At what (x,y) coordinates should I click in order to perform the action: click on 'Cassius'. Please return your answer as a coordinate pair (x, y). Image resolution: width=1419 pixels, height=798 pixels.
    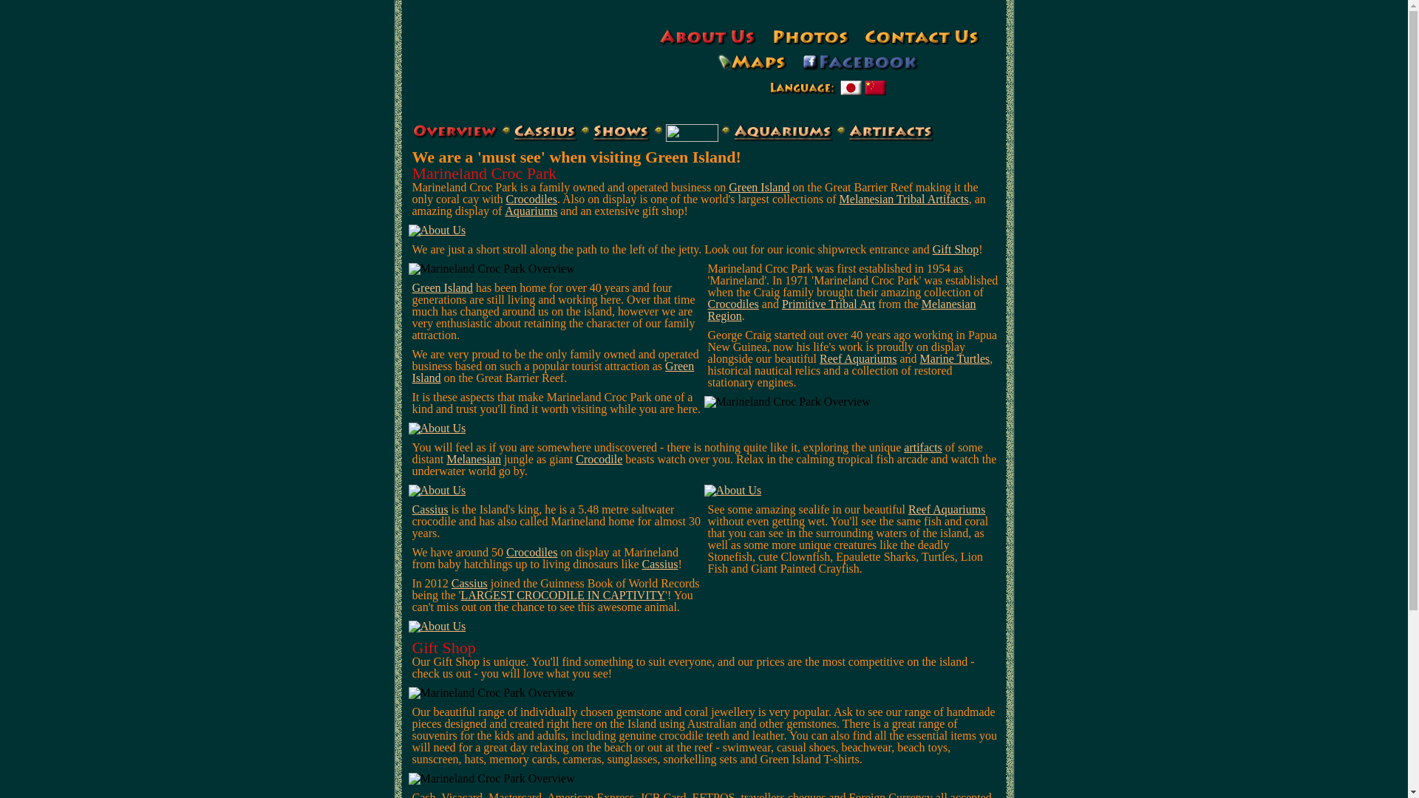
    Looking at the image, I should click on (450, 582).